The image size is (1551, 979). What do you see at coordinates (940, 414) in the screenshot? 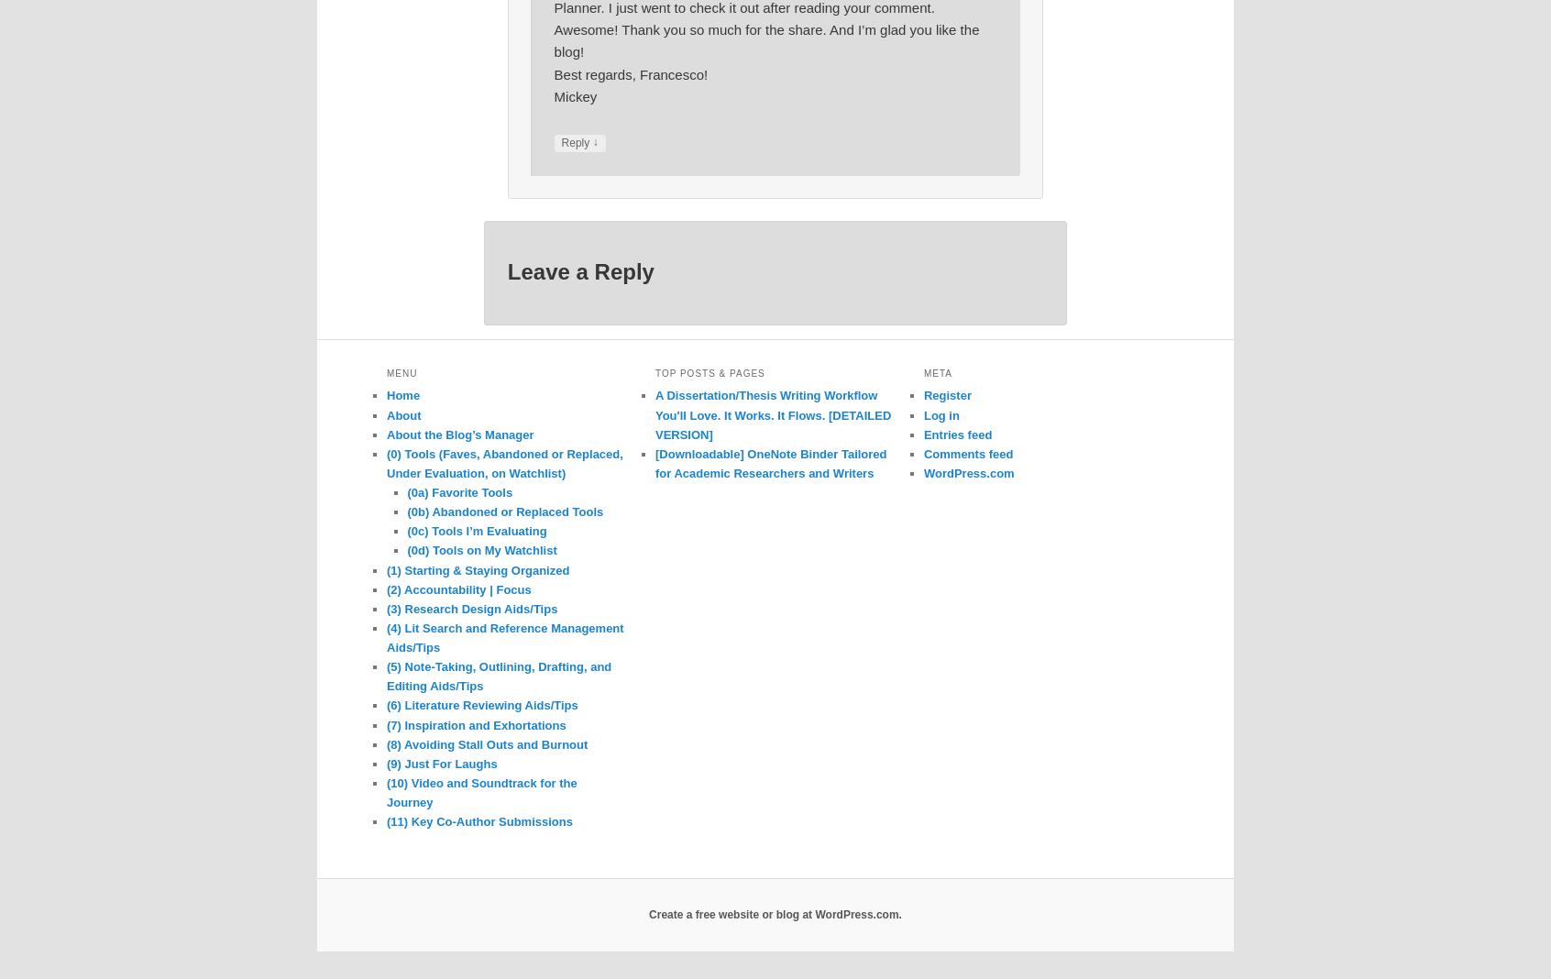
I see `'Log in'` at bounding box center [940, 414].